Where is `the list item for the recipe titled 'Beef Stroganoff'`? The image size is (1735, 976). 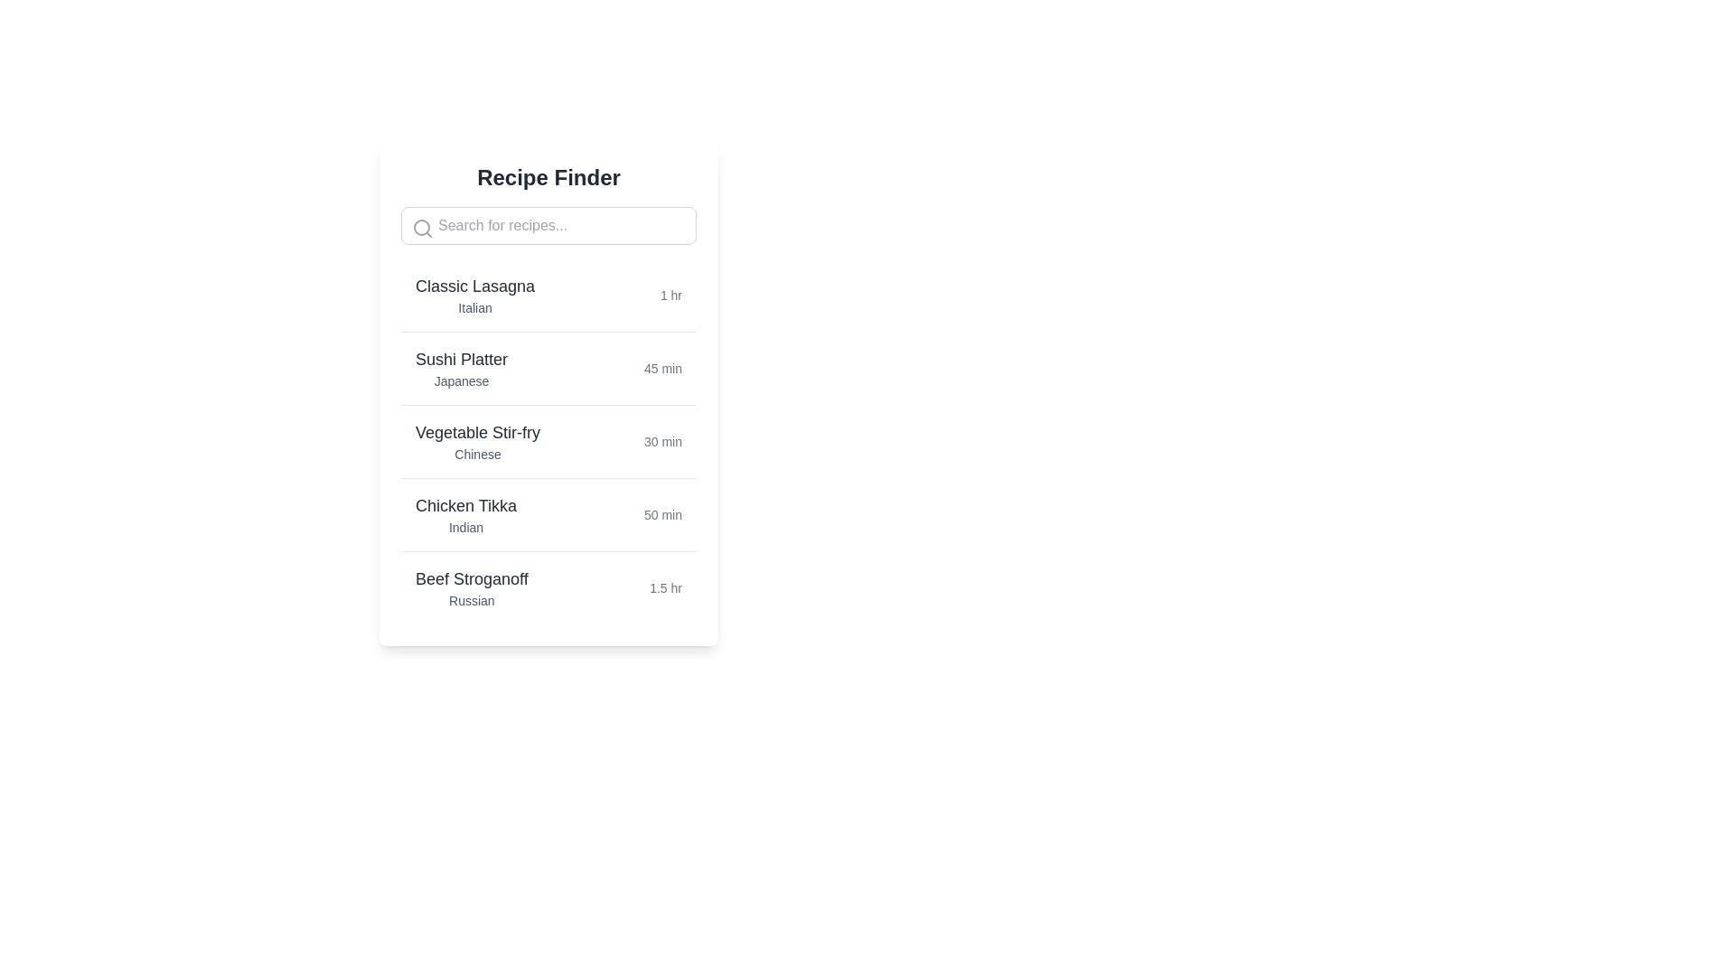 the list item for the recipe titled 'Beef Stroganoff' is located at coordinates (548, 587).